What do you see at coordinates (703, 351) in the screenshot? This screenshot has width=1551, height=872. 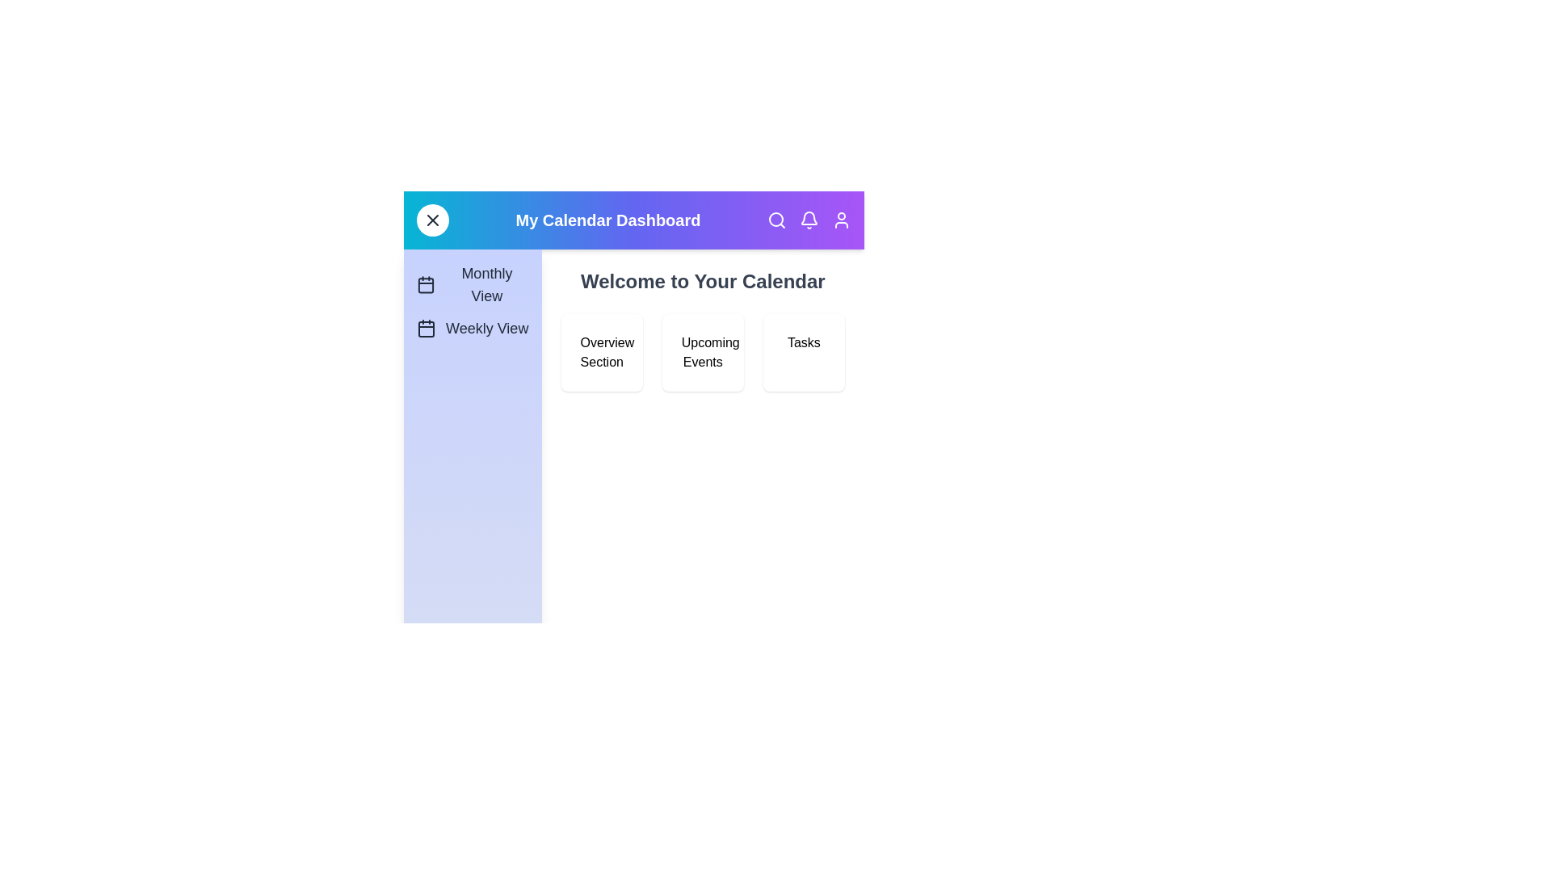 I see `the middle static text card indicating the section or category for viewing or managing upcoming events in the calendar interface` at bounding box center [703, 351].